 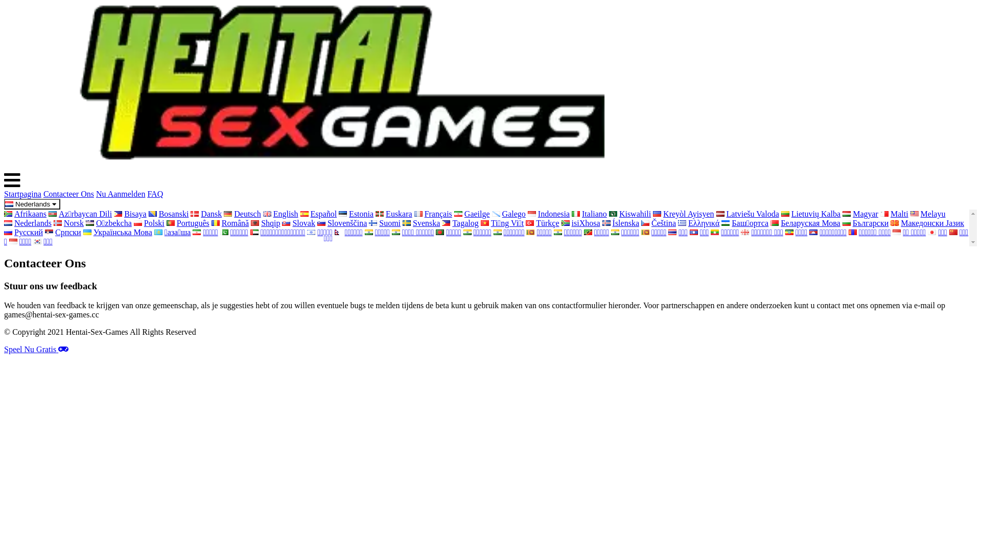 I want to click on 'FAQ', so click(x=154, y=194).